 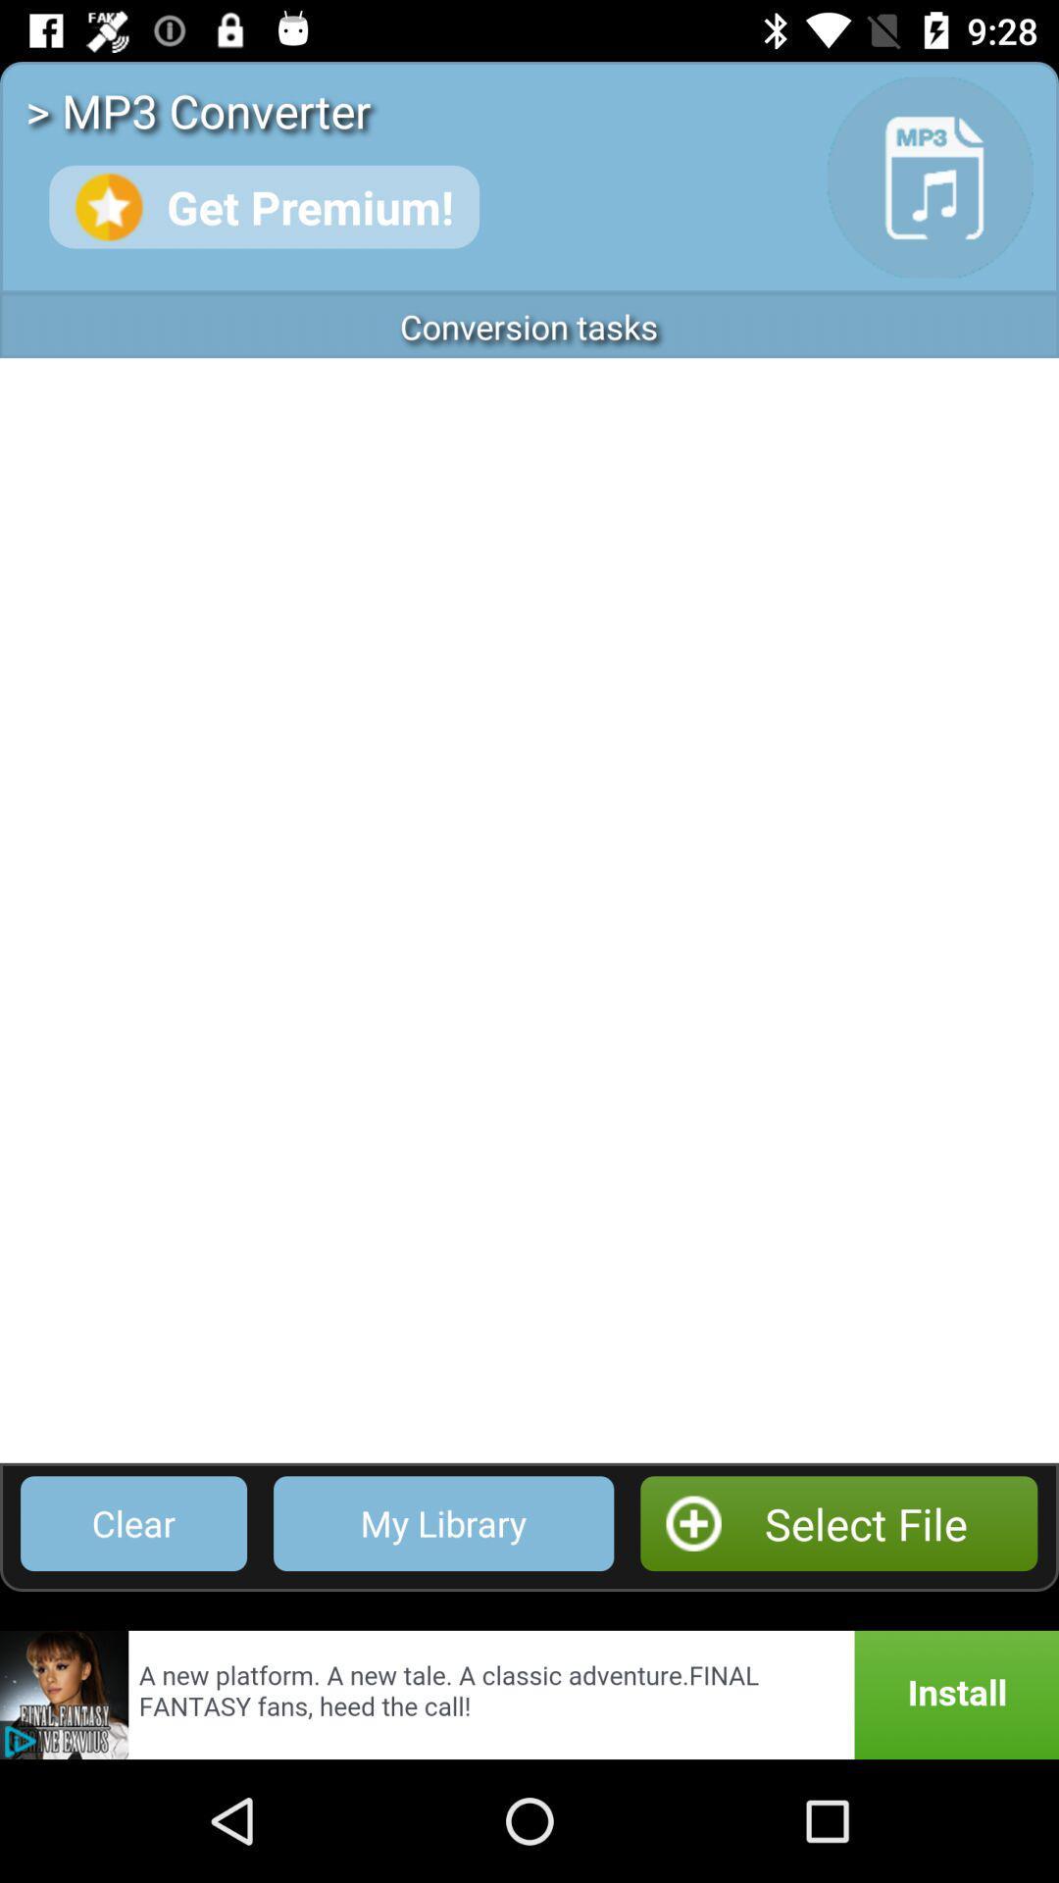 I want to click on the clear at the bottom left corner, so click(x=132, y=1522).